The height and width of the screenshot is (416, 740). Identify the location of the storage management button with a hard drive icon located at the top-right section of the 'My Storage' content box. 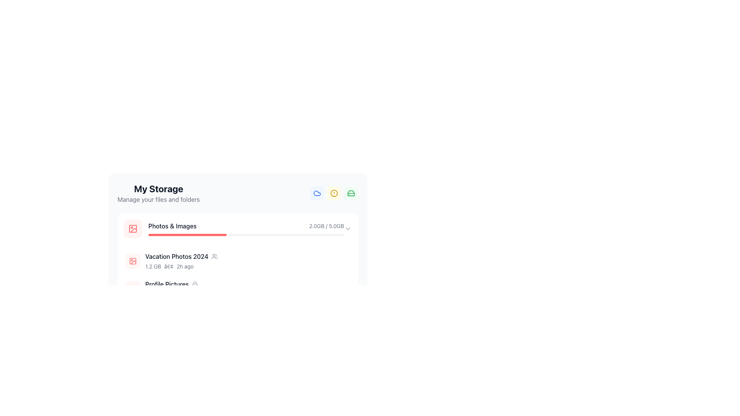
(351, 193).